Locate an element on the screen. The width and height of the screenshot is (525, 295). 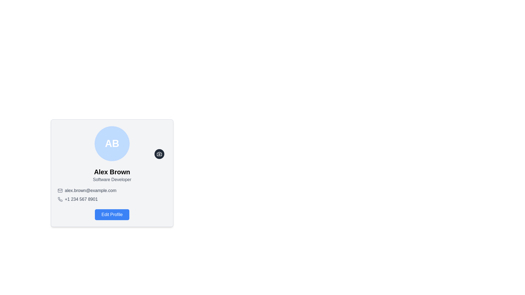
the phone number displayed in the format '+1 234 567 8901' located in the lower part of a card-like interface, below an email address and above the 'Edit Profile' button is located at coordinates (81, 199).